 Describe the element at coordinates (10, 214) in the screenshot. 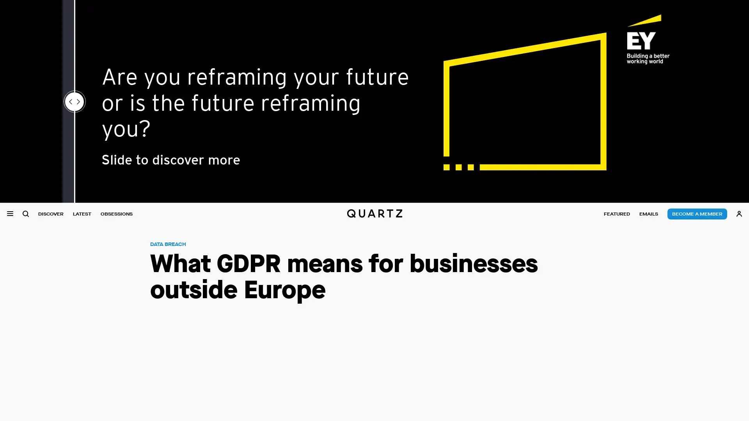

I see `Toggle menu` at that location.